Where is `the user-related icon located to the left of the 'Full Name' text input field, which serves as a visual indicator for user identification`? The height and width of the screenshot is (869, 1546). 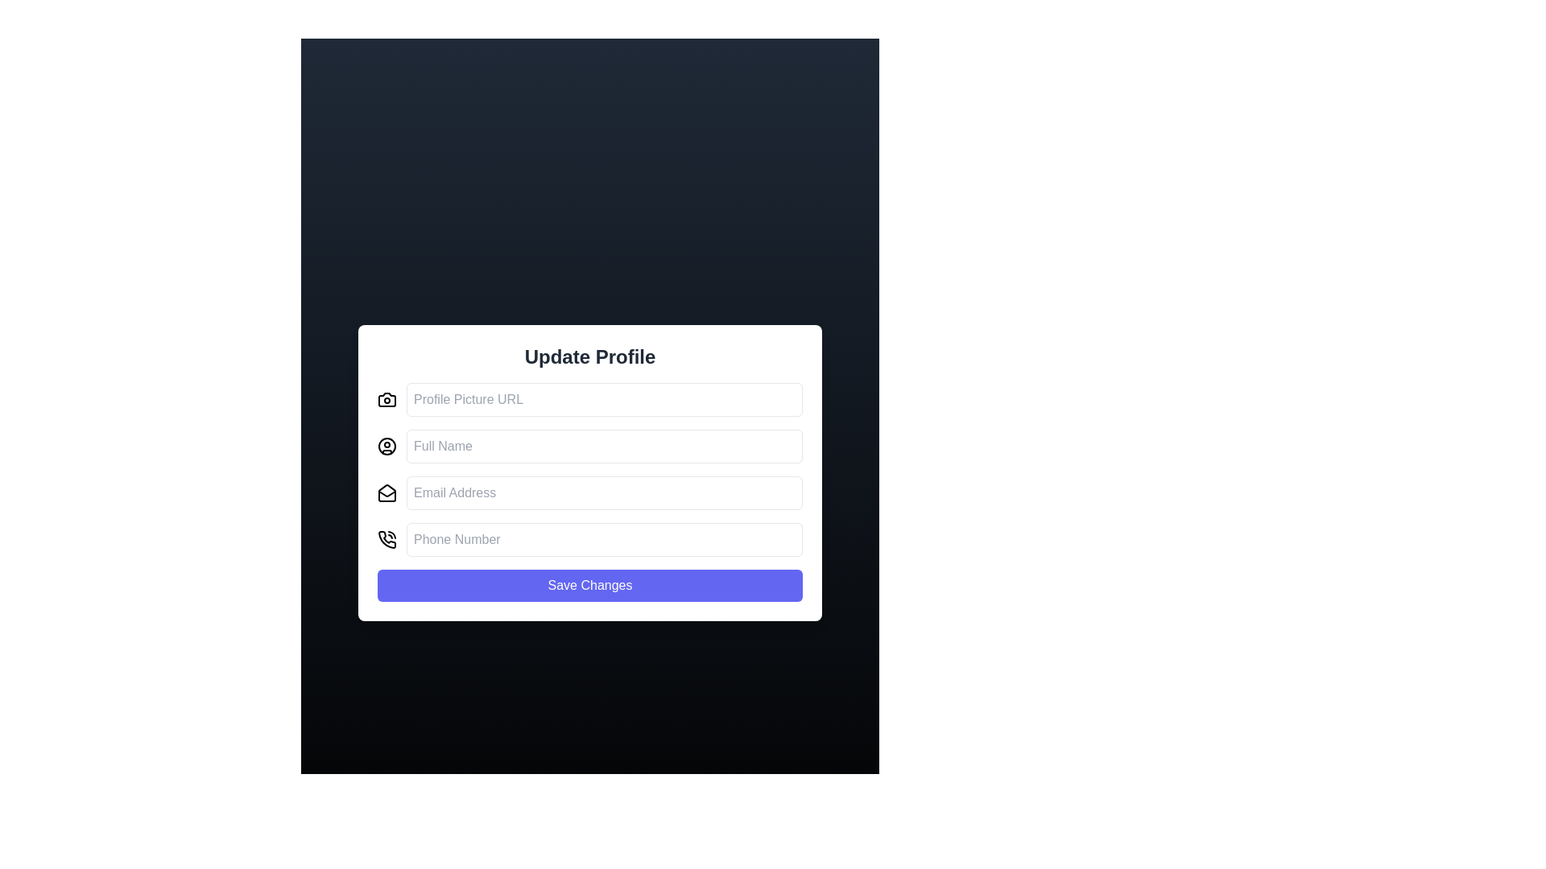 the user-related icon located to the left of the 'Full Name' text input field, which serves as a visual indicator for user identification is located at coordinates (386, 447).